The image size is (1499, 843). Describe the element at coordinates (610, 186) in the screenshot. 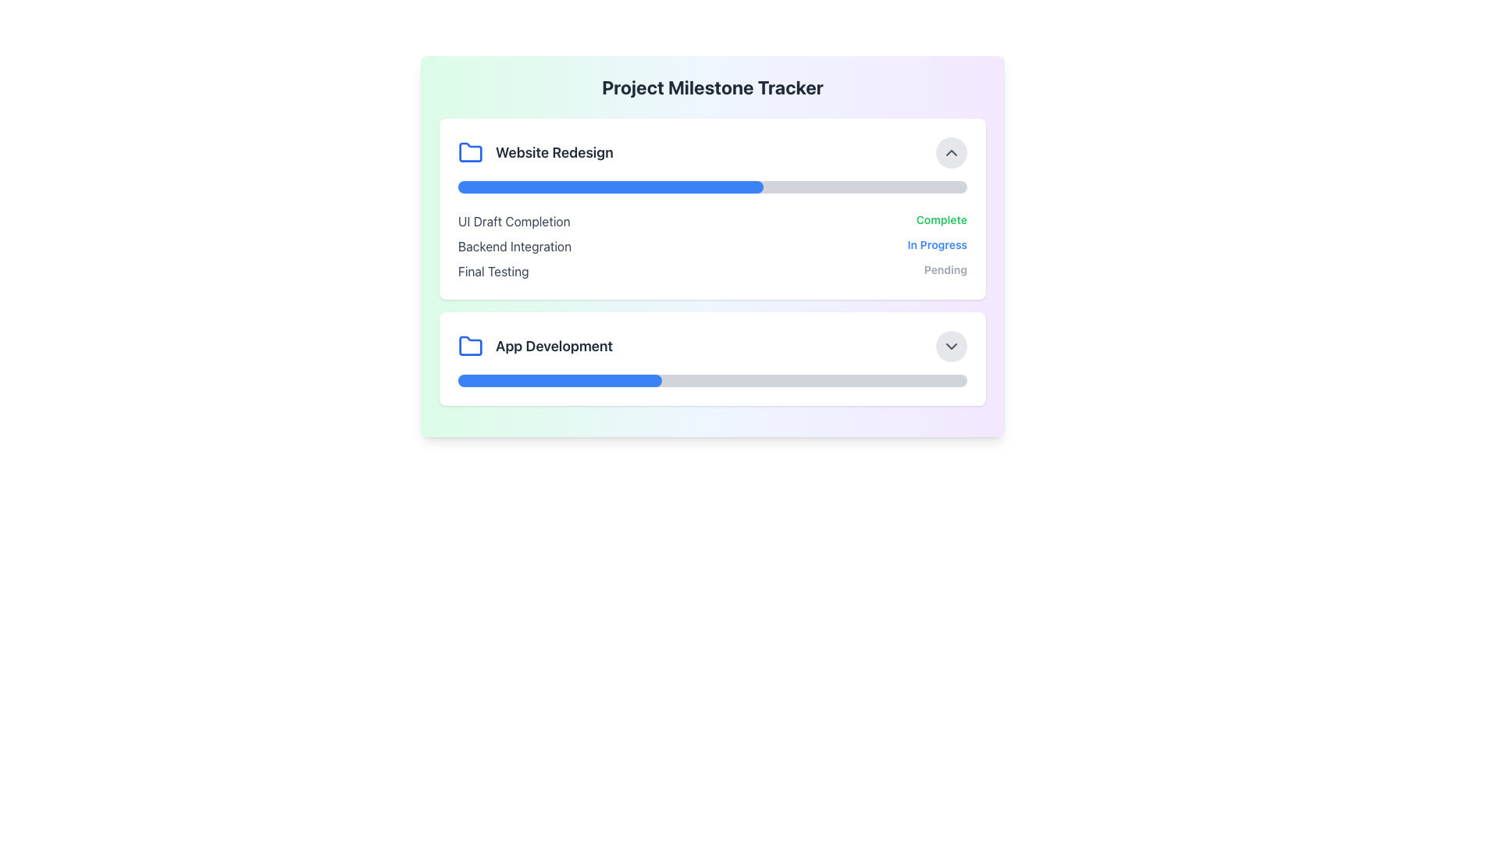

I see `the filled portion of the progress bar indicating 60% completion under the 'Website Redesign' section` at that location.